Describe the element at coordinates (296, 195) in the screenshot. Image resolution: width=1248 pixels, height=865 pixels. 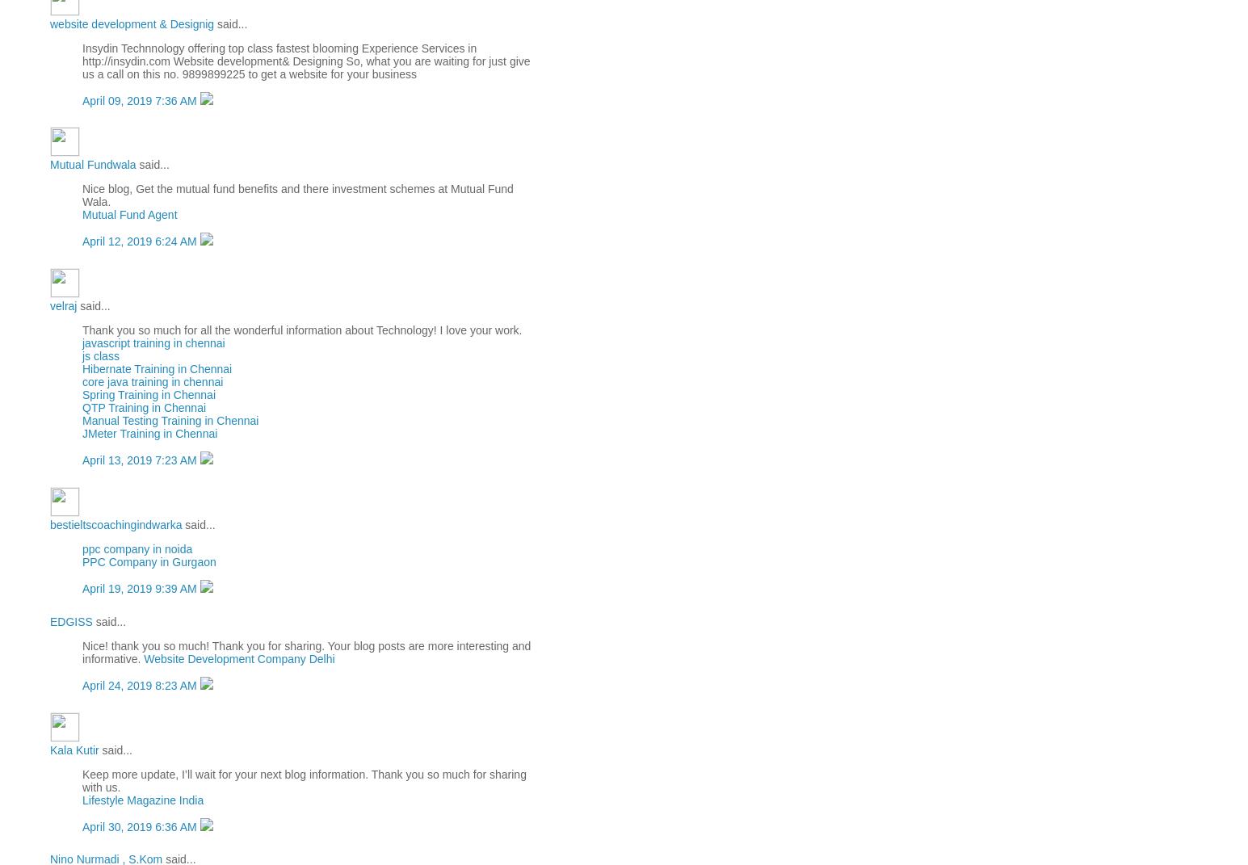
I see `'Nice blog, Get the mutual fund benefits and there investment schemes at Mutual Fund Wala.'` at that location.